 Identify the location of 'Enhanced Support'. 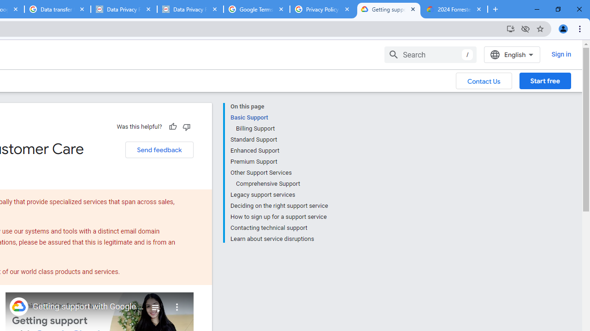
(278, 150).